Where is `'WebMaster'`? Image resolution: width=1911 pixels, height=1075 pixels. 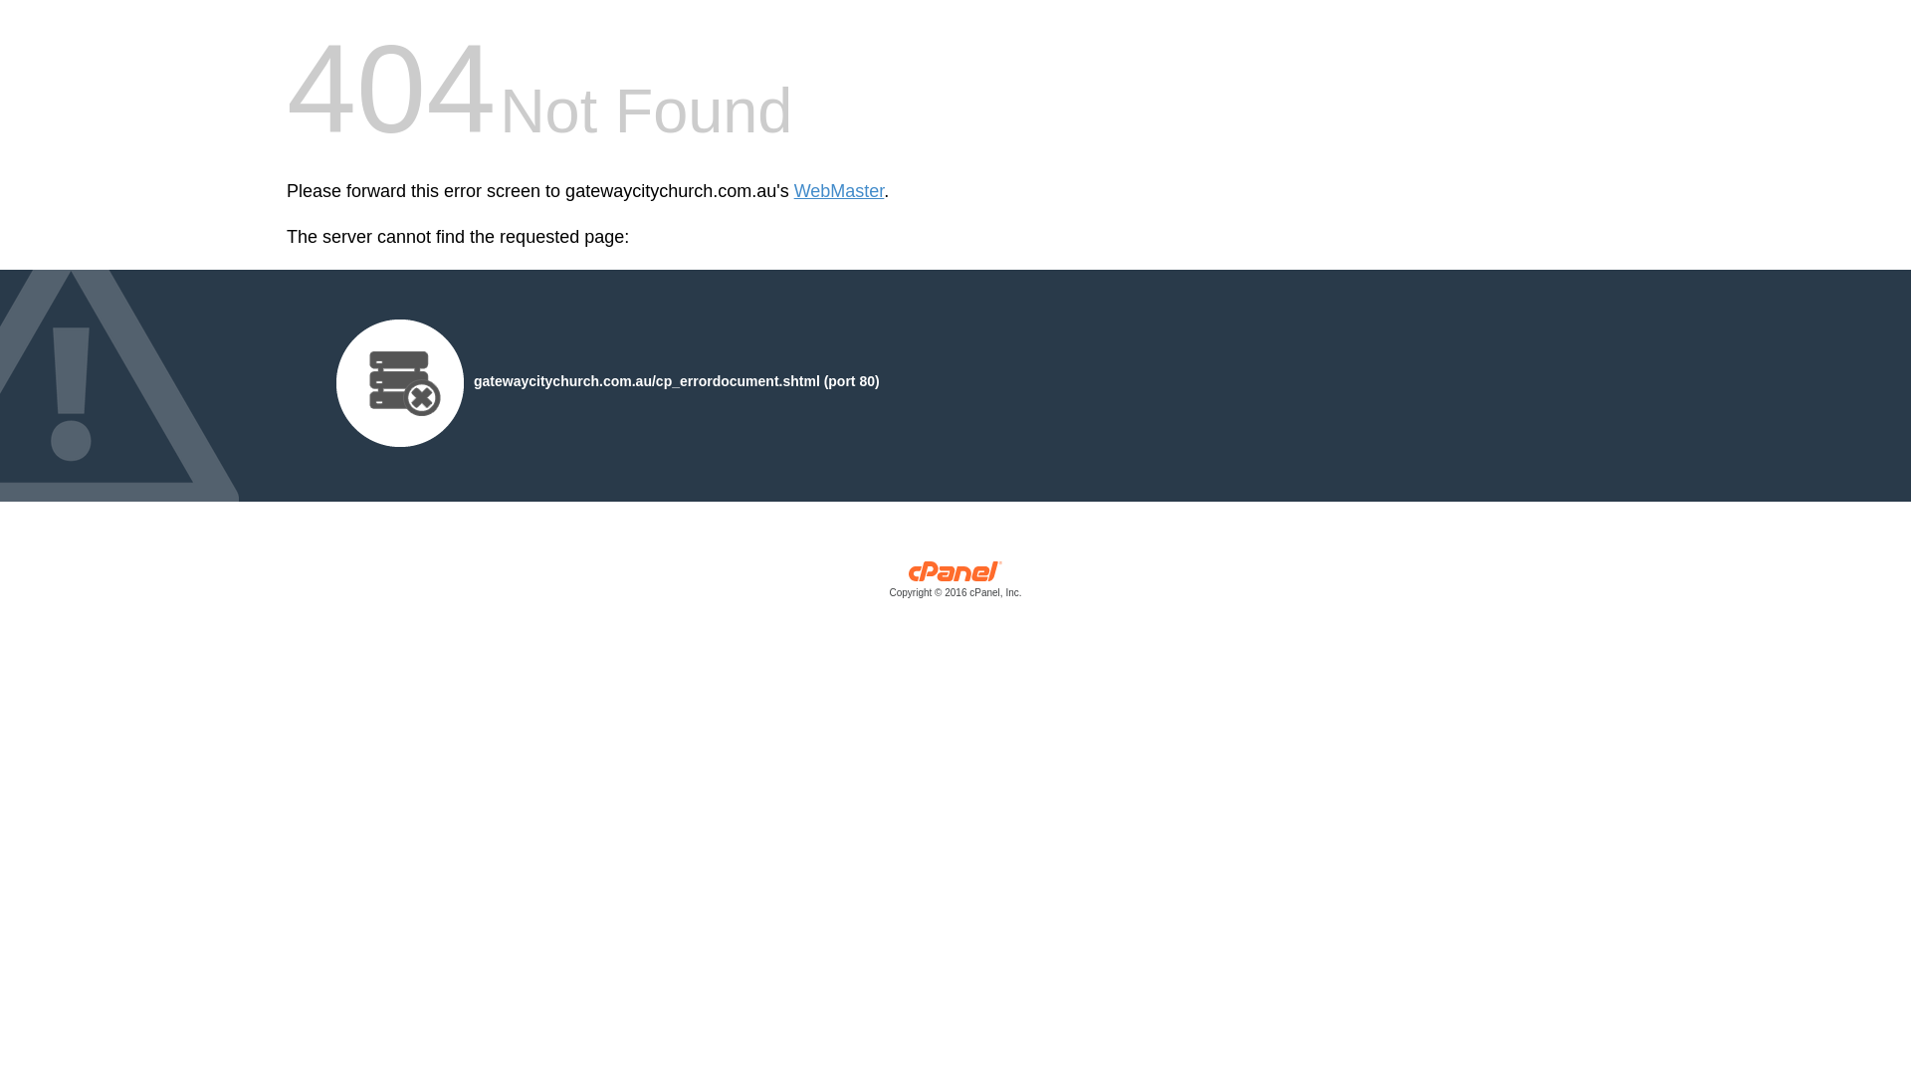
'WebMaster' is located at coordinates (839, 191).